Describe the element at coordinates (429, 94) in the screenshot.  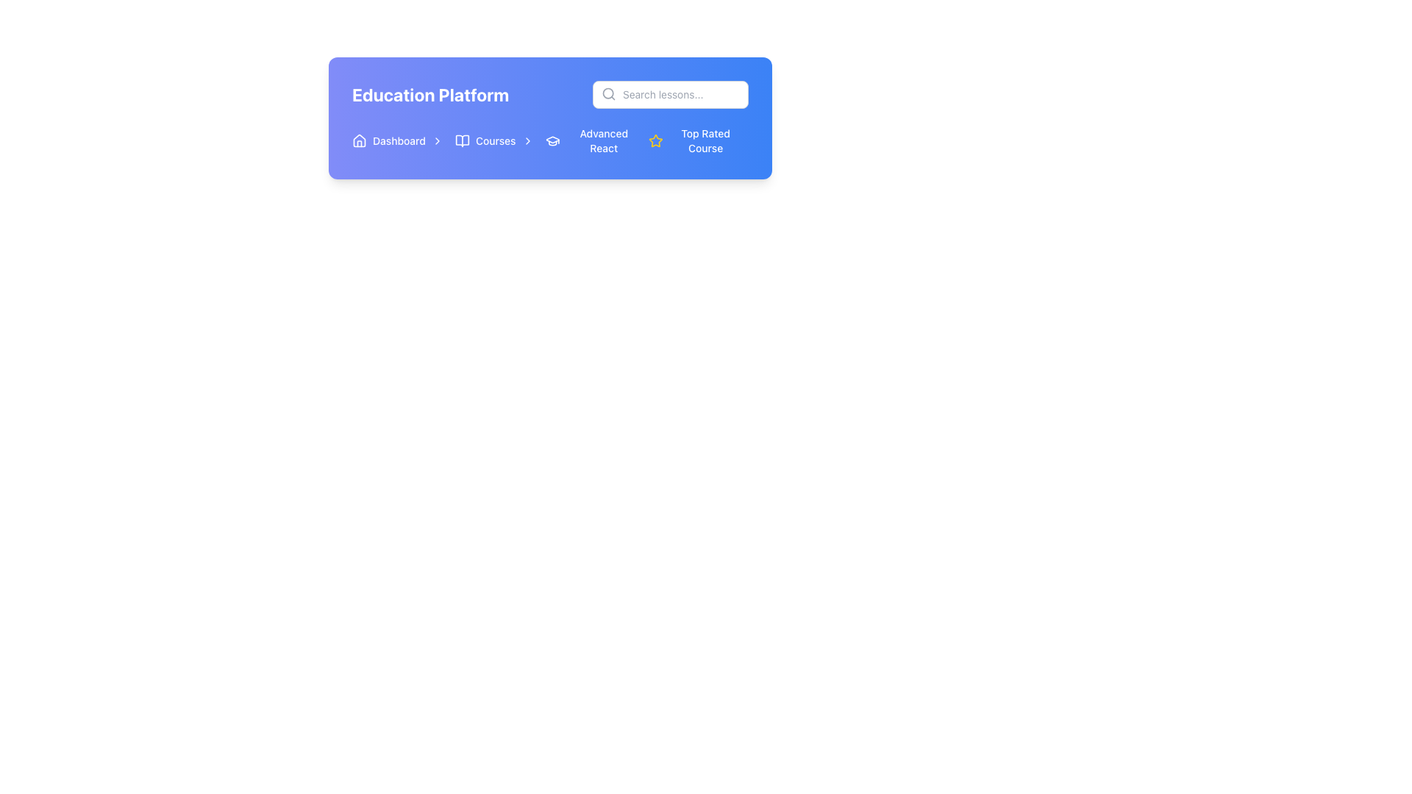
I see `the Static Text element displaying 'Education Platform' in bold white font on a blue background, located at the upper left side of the header section` at that location.